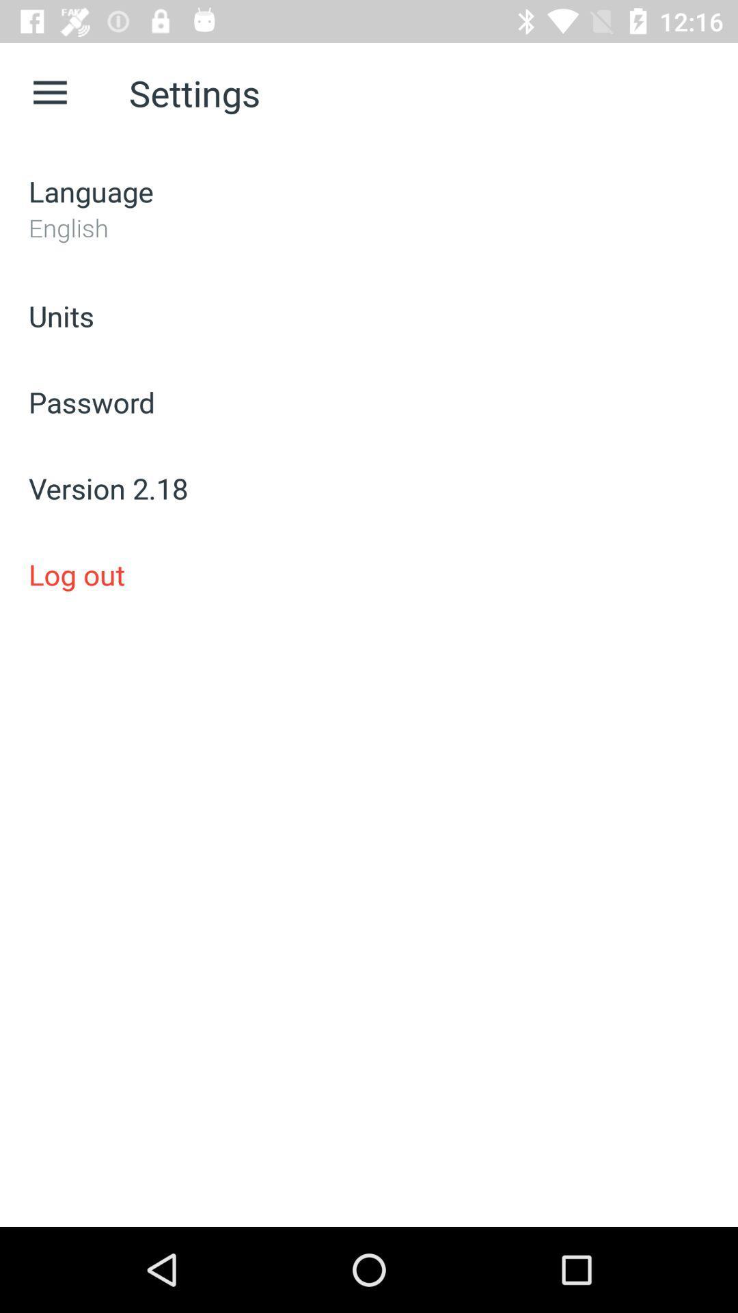 The image size is (738, 1313). I want to click on units, so click(369, 315).